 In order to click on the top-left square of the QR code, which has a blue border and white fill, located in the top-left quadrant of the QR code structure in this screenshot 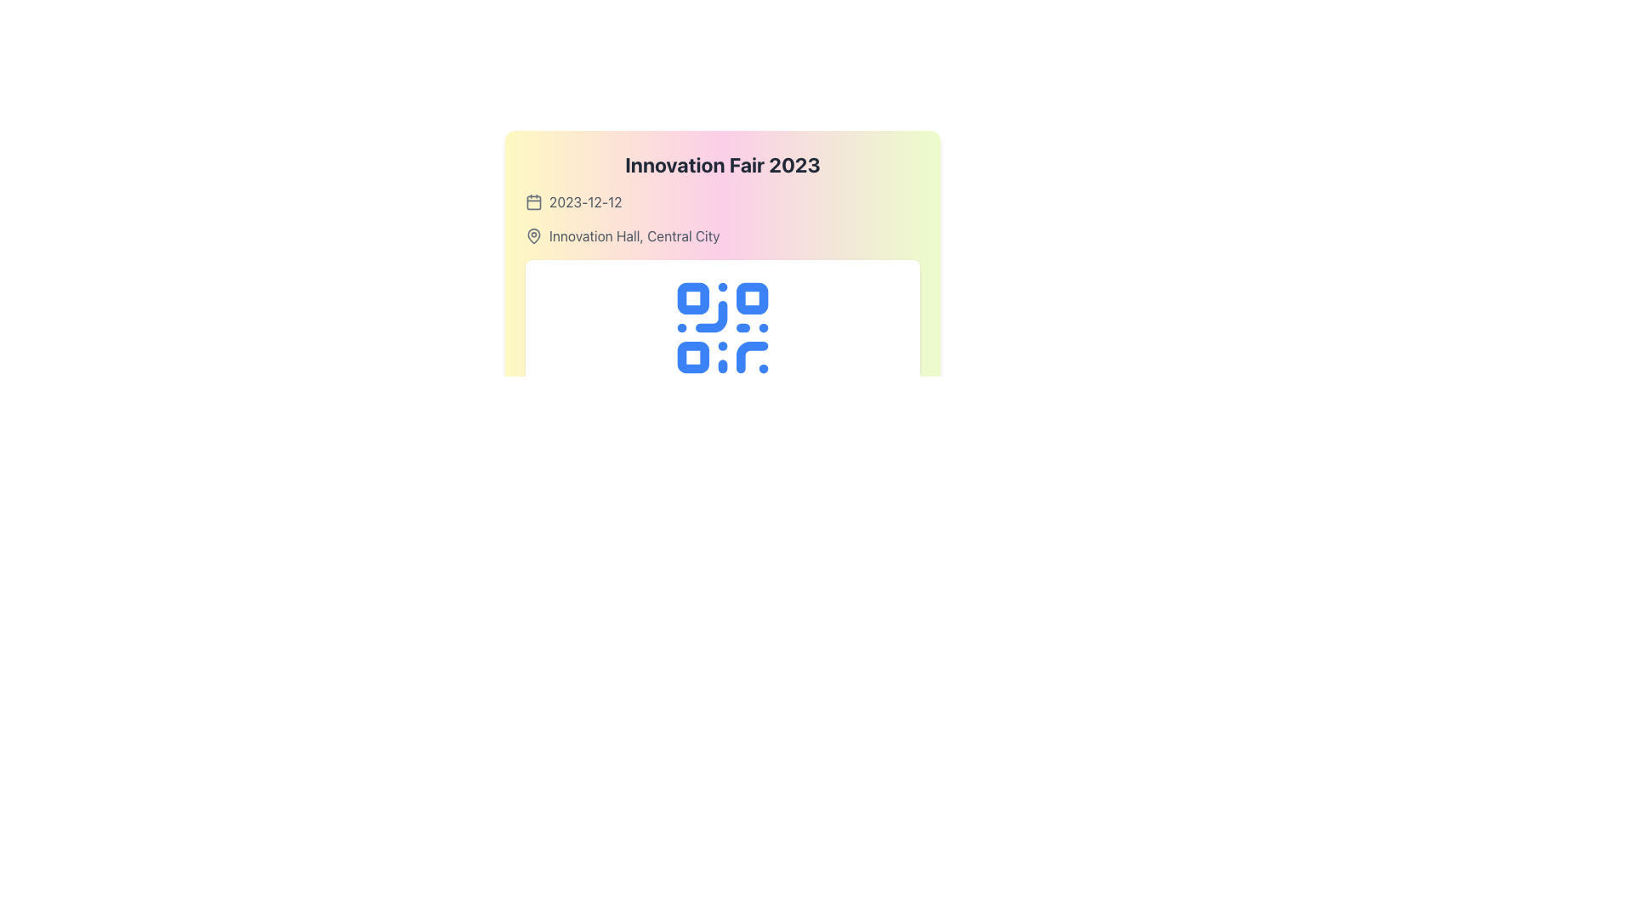, I will do `click(693, 297)`.